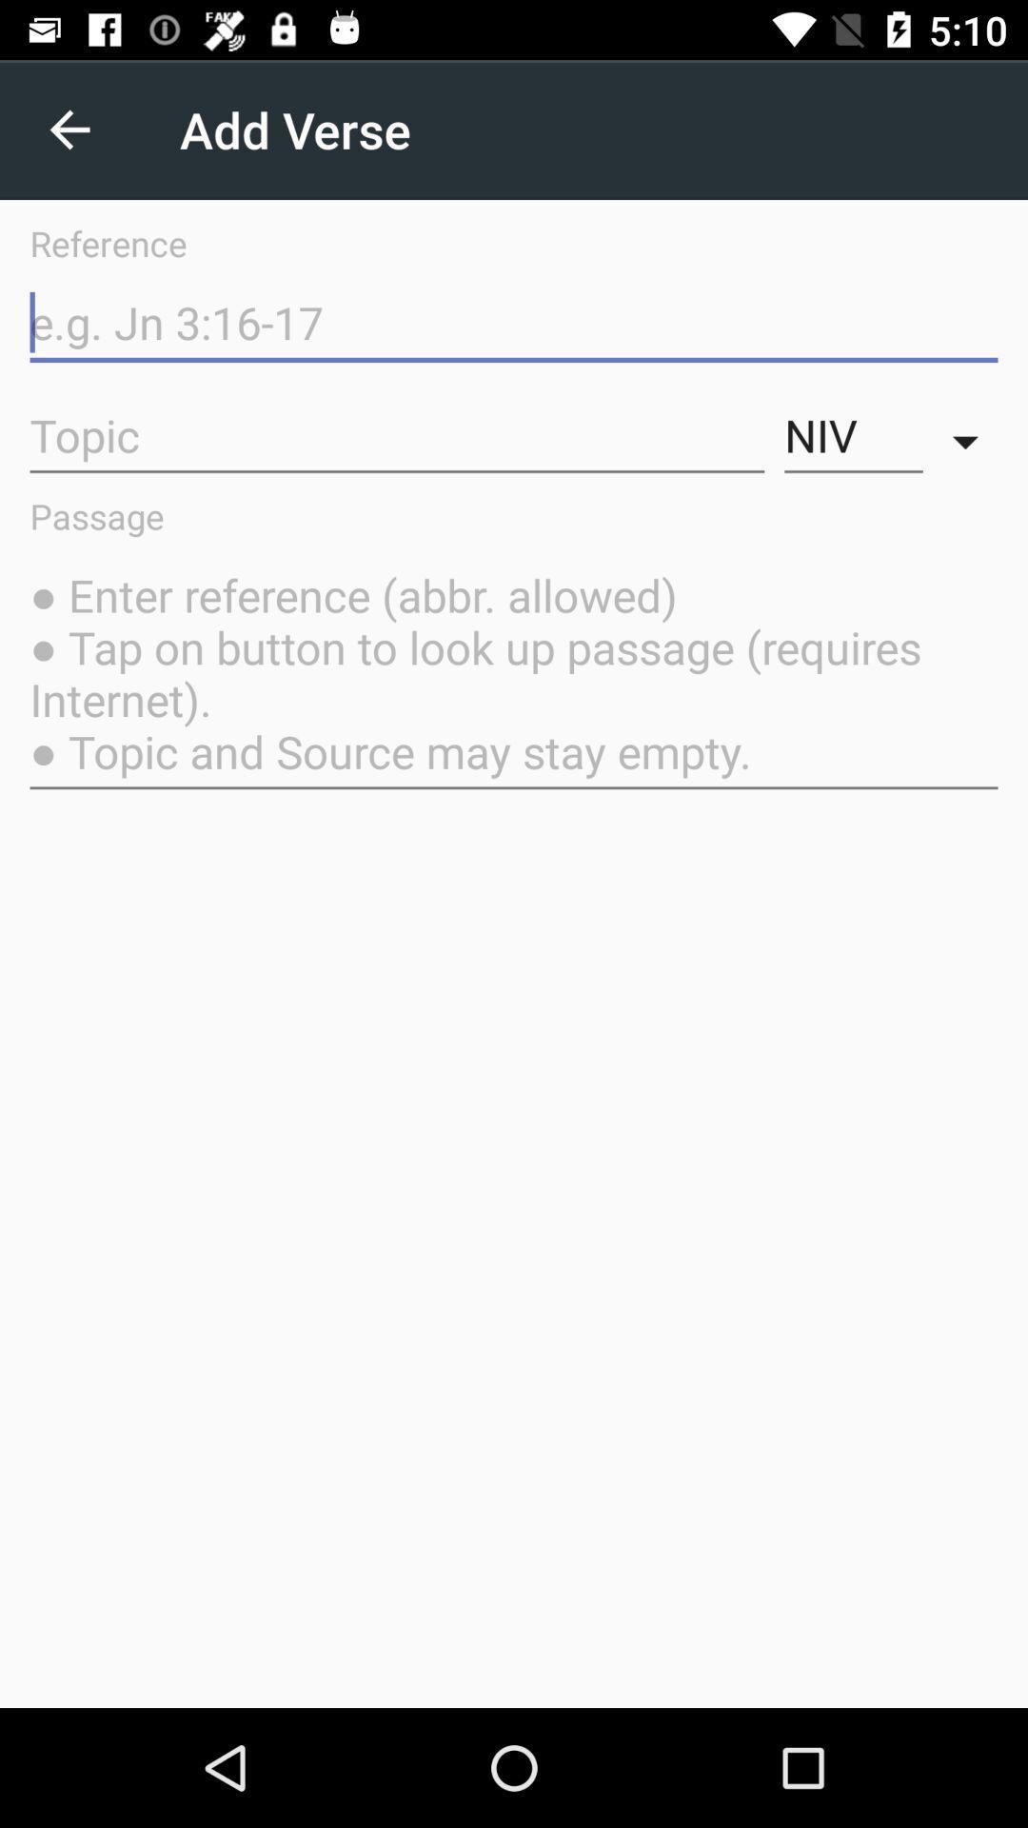 The image size is (1028, 1828). What do you see at coordinates (69, 129) in the screenshot?
I see `the icon next to the add verse app` at bounding box center [69, 129].